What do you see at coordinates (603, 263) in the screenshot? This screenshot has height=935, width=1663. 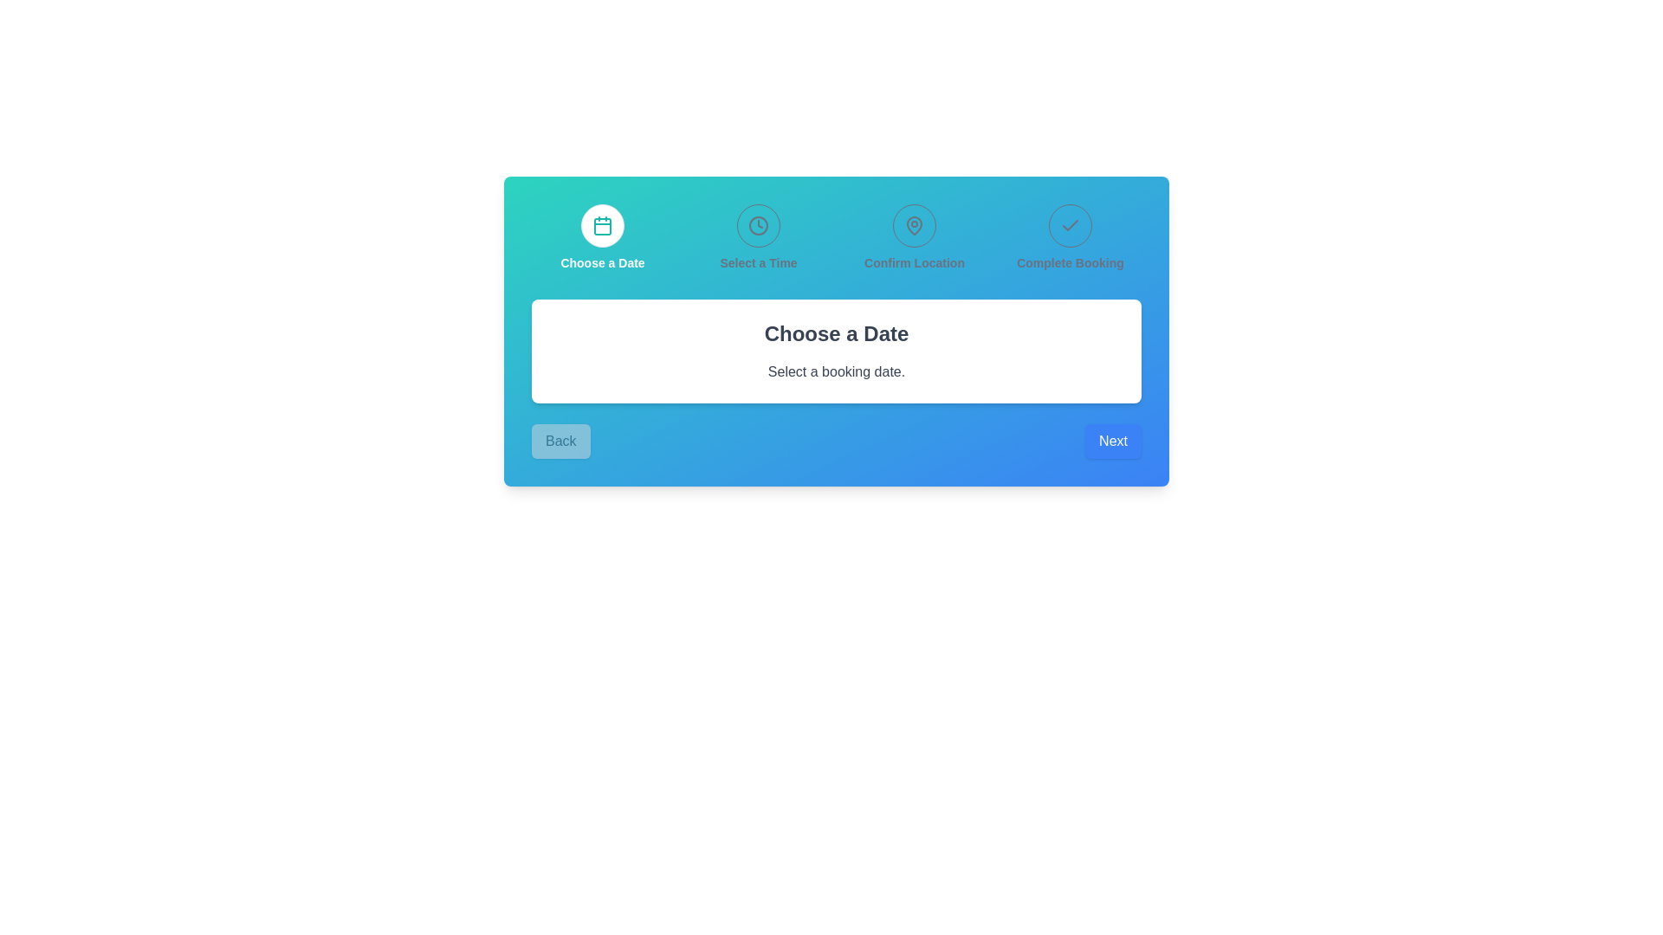 I see `the static text label that reads 'Choose a Date', which is styled in bold white font and is located below a calendar icon in the step navigation interface` at bounding box center [603, 263].